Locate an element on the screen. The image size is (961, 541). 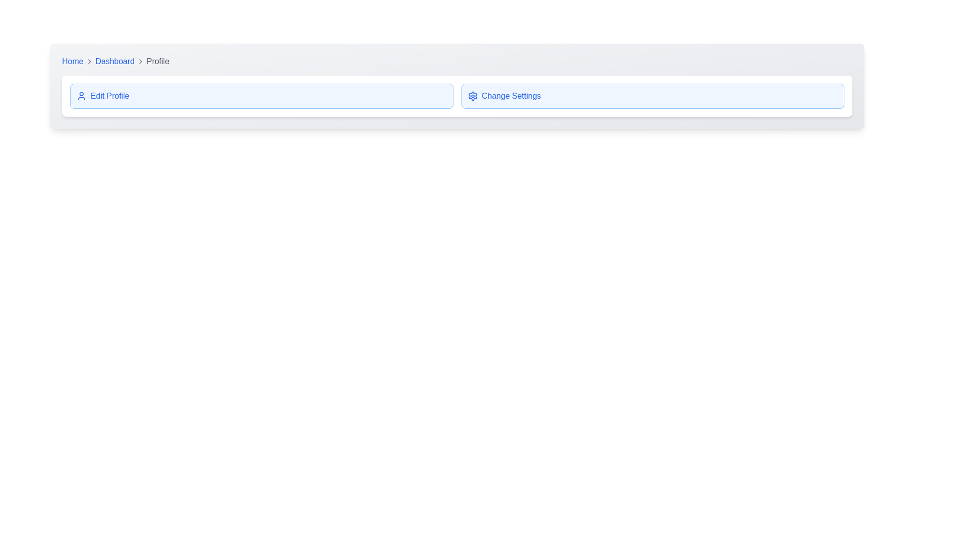
the settings icon located on the right side of the user profile section header, near the 'Change Settings' label is located at coordinates (472, 96).